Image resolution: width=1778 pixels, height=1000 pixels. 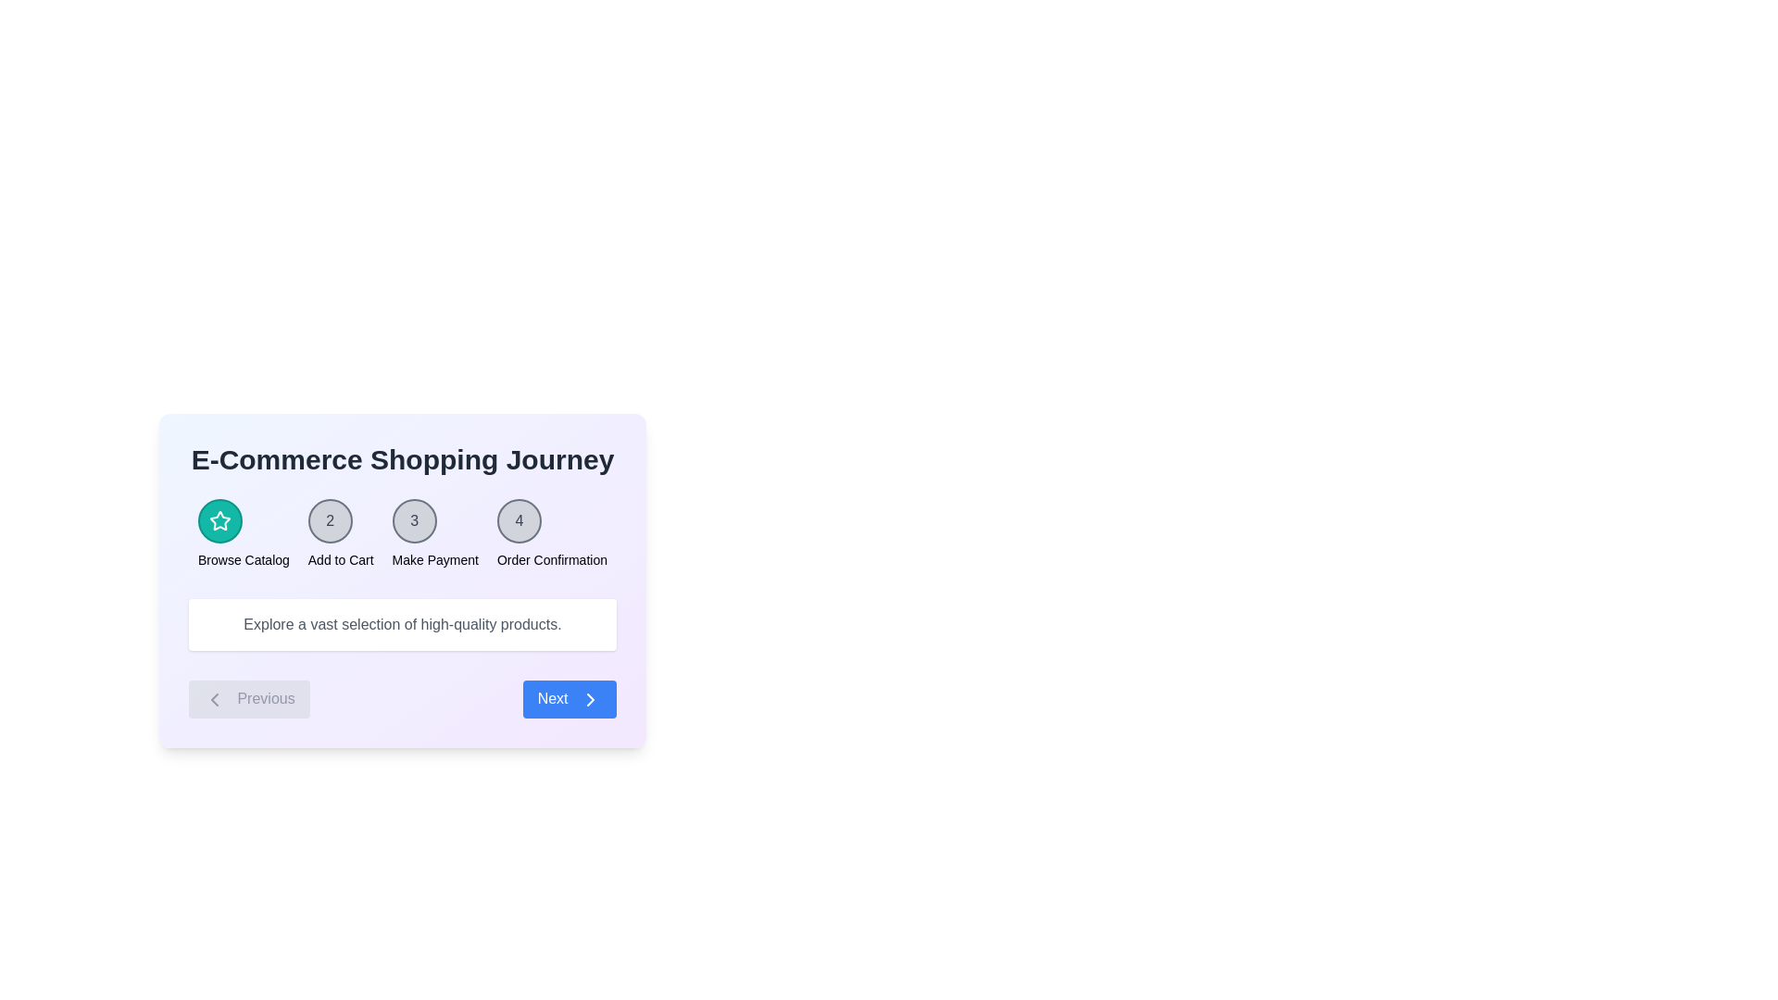 I want to click on the circular button labeled '2', which is positioned between the 'Browse Catalog' button and the 'Make Payment' button, so click(x=330, y=521).